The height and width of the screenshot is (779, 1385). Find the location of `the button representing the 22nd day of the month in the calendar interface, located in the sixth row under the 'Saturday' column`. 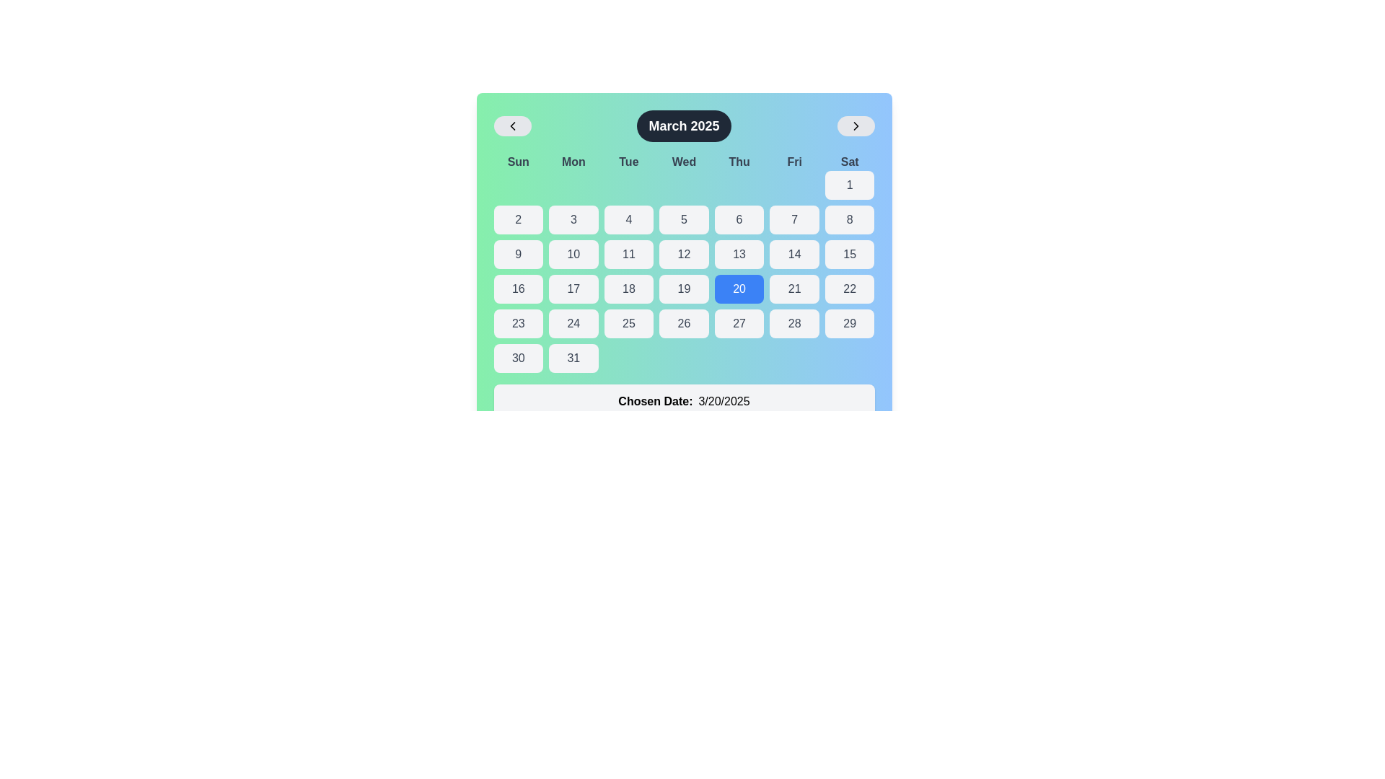

the button representing the 22nd day of the month in the calendar interface, located in the sixth row under the 'Saturday' column is located at coordinates (850, 289).